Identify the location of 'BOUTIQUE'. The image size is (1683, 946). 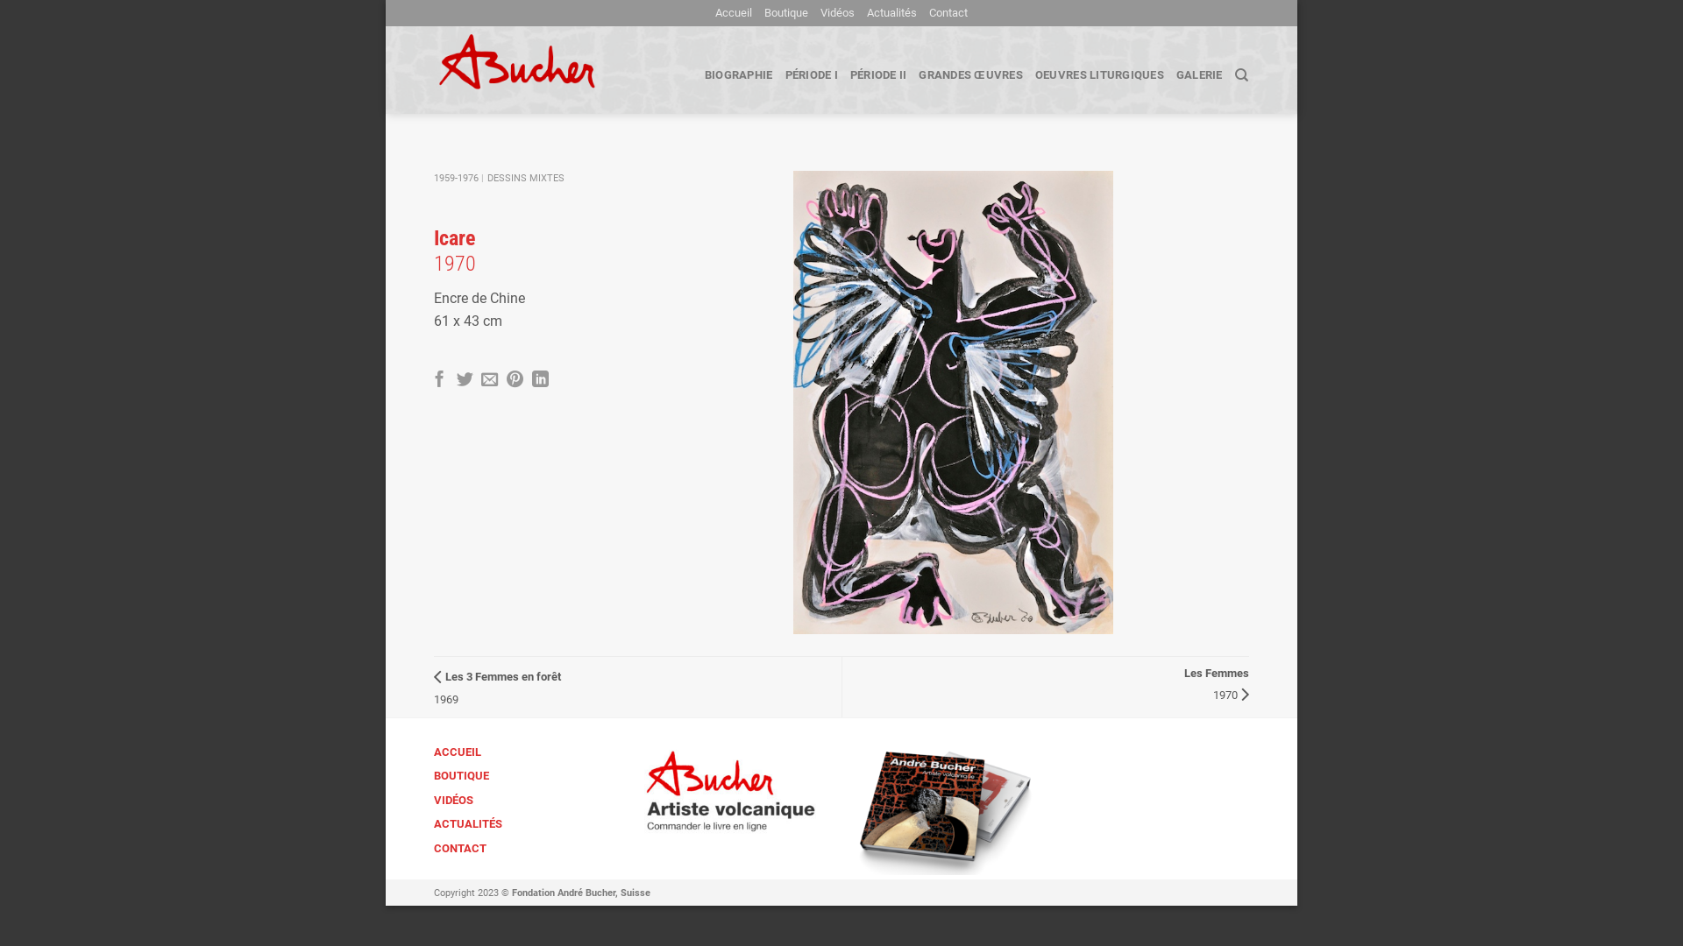
(461, 775).